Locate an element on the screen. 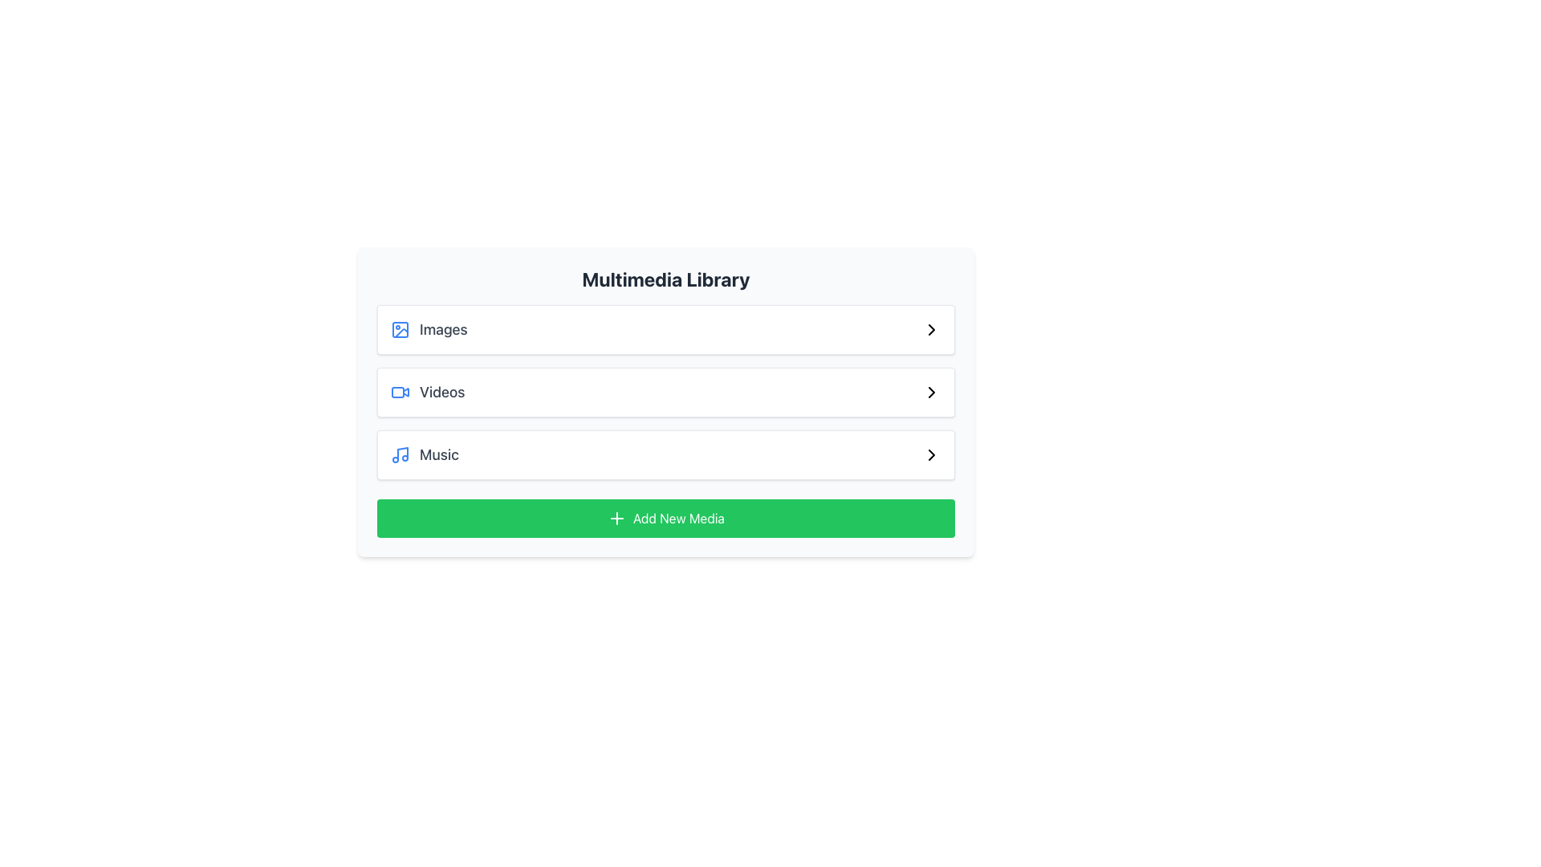 Image resolution: width=1541 pixels, height=867 pixels. the 'Music' category option in the vertically stacked list of media category options, which is located below the 'Videos' row and above the 'Add New Media' button is located at coordinates (666, 455).